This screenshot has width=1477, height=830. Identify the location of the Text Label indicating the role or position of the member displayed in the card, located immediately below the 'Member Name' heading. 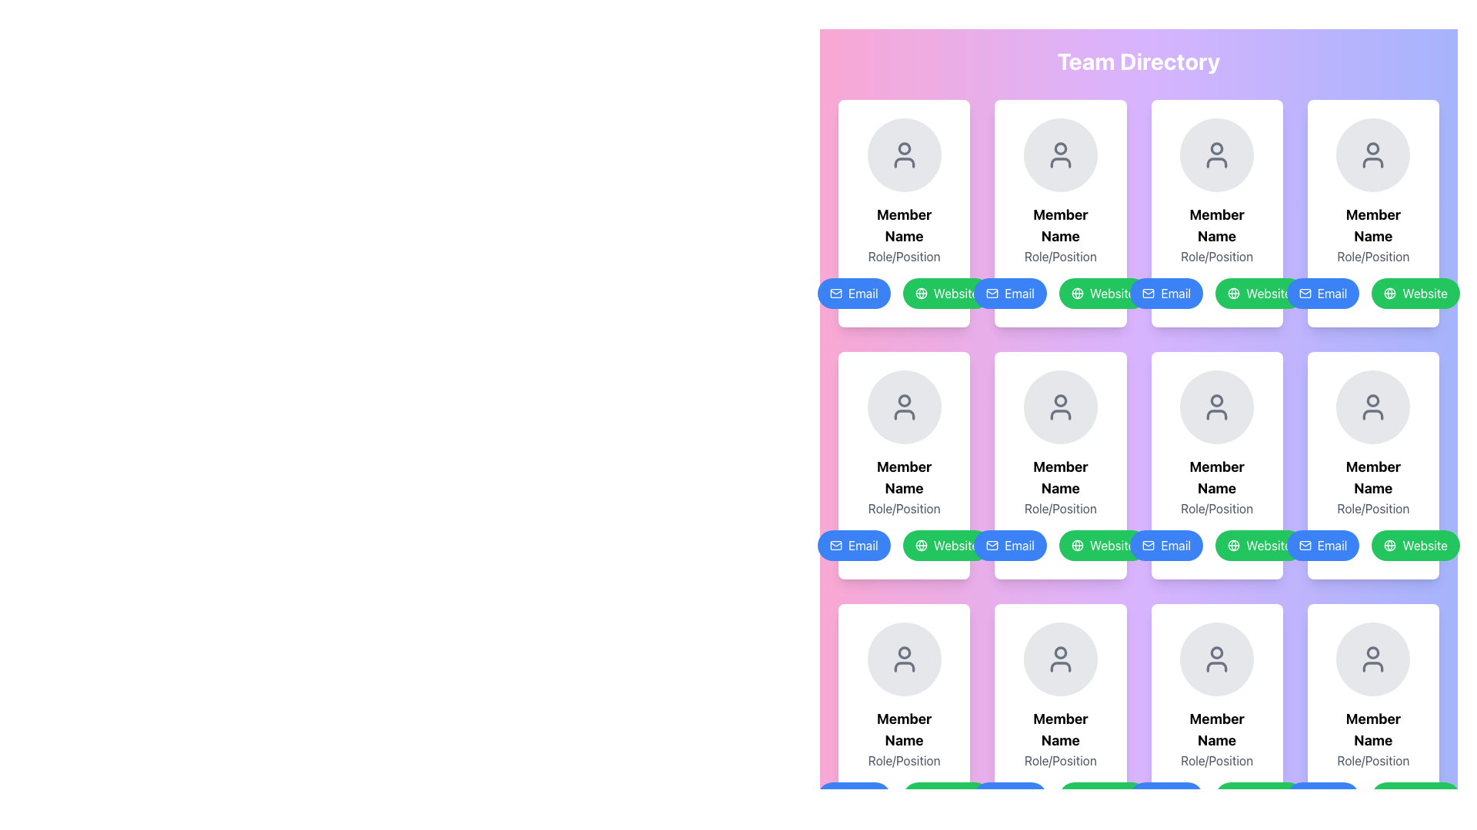
(904, 256).